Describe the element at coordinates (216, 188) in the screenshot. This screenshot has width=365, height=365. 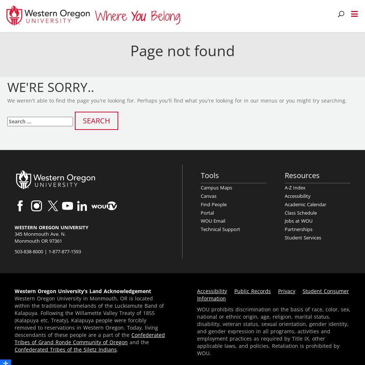
I see `'Campus Maps'` at that location.